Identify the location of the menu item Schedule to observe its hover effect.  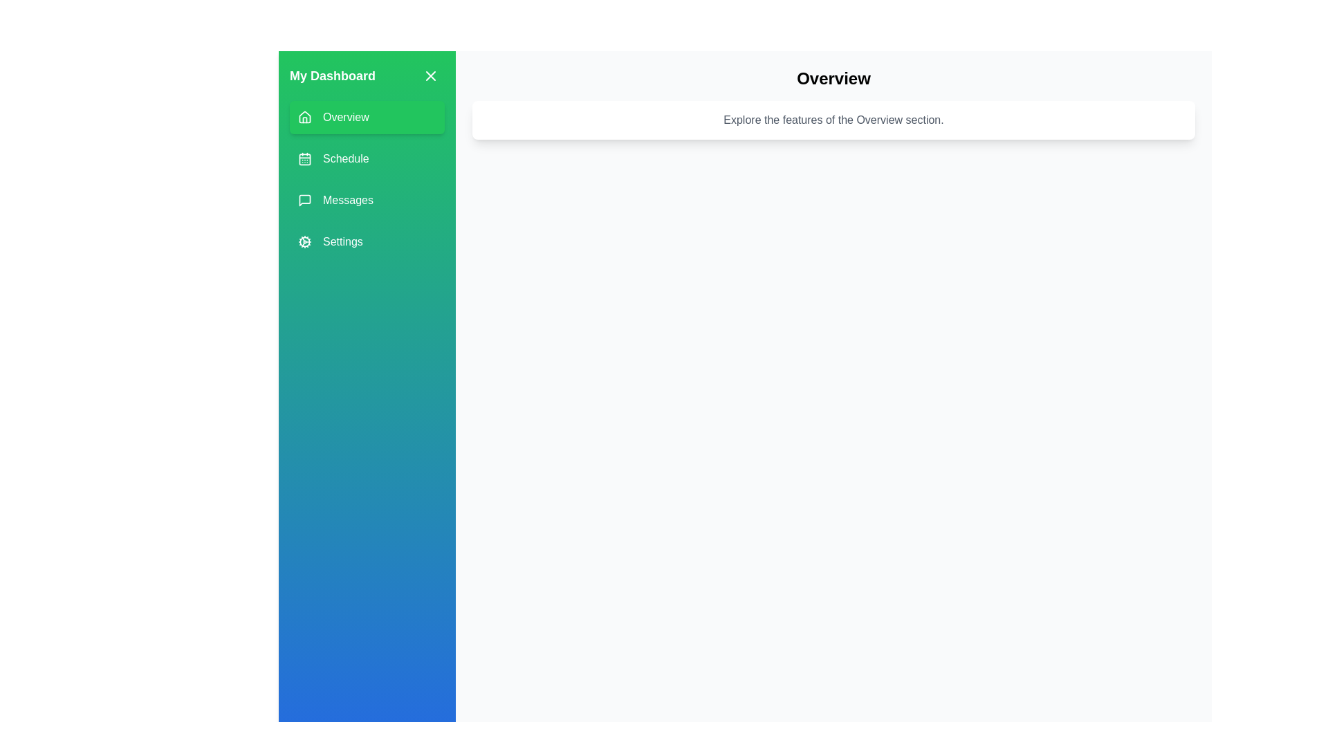
(367, 158).